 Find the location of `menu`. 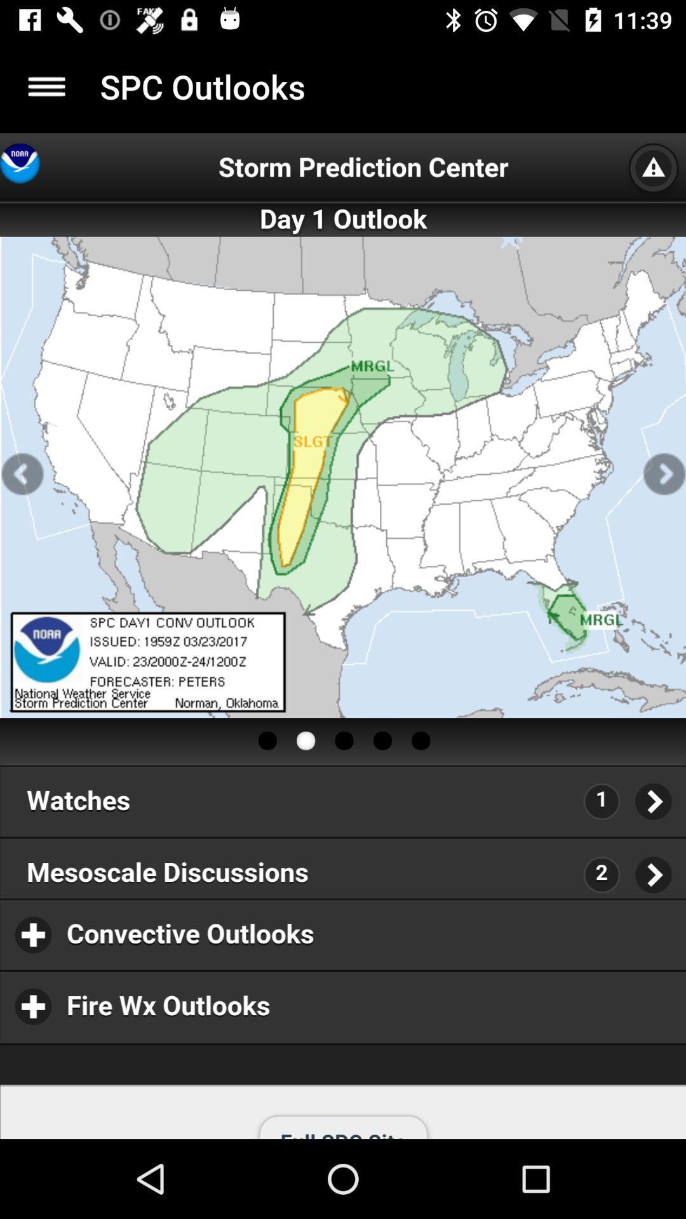

menu is located at coordinates (46, 86).